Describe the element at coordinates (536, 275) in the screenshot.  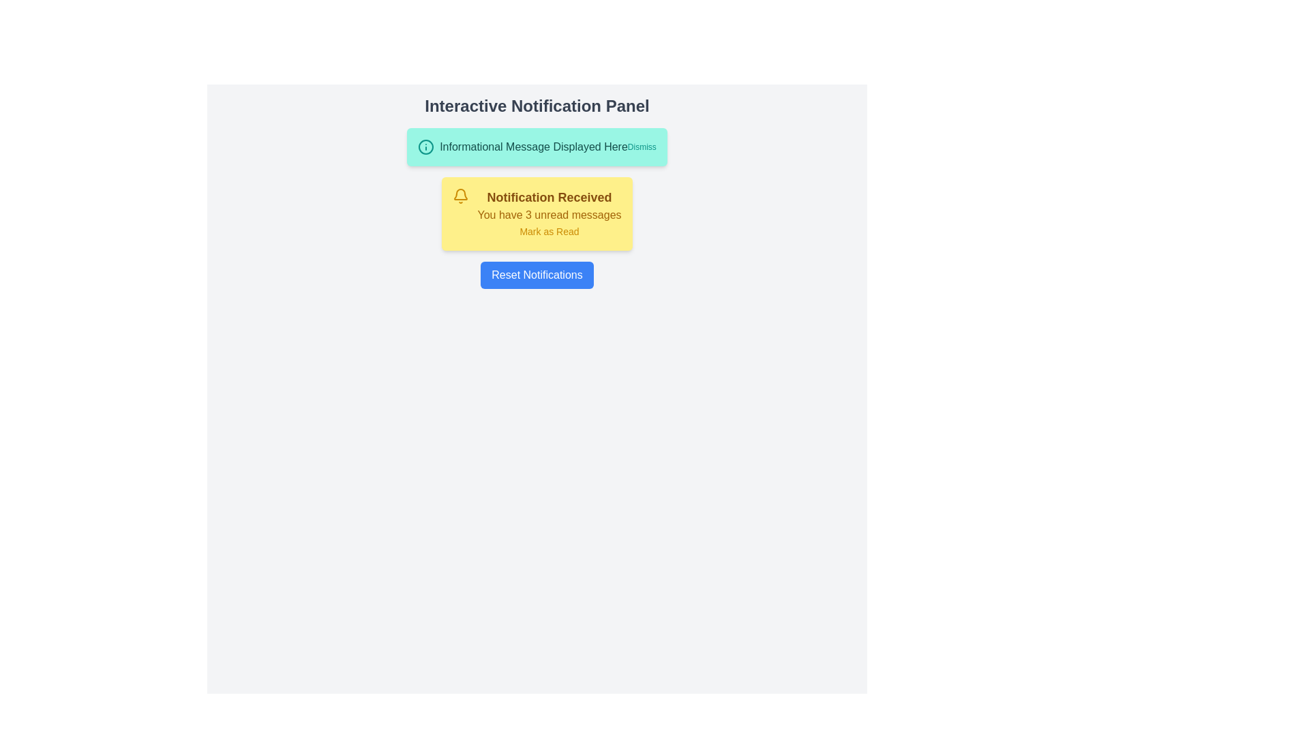
I see `the reset button located at the bottom of the 'Interactive Notification Panel' to observe the hover effect` at that location.